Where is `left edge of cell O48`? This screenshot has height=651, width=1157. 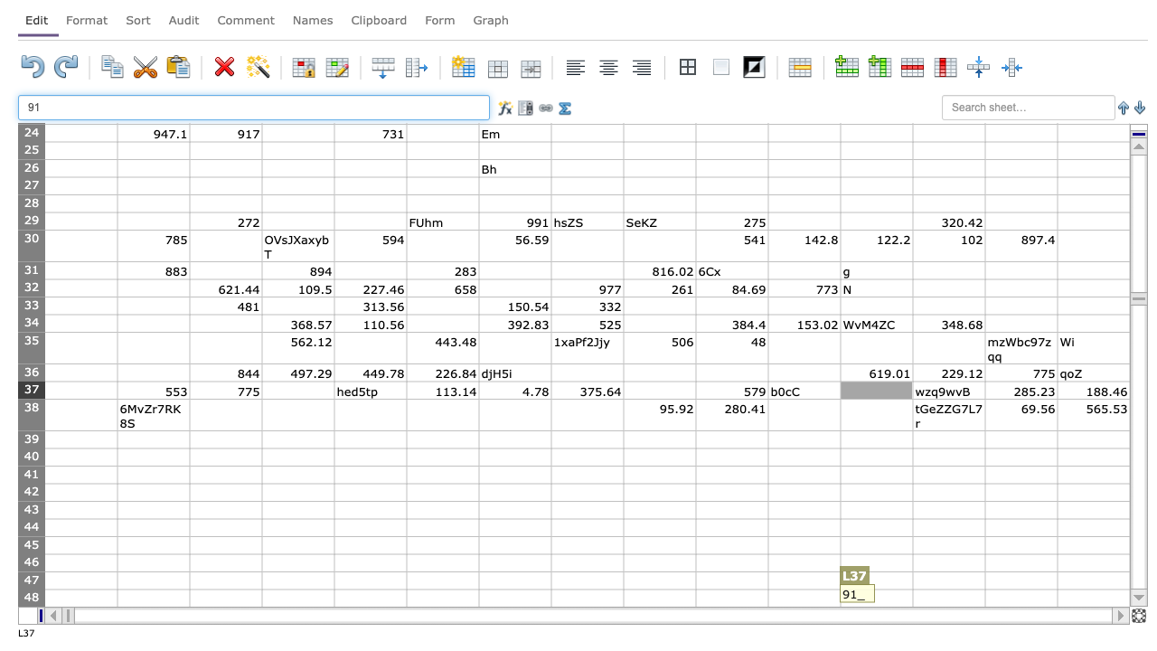
left edge of cell O48 is located at coordinates (1058, 598).